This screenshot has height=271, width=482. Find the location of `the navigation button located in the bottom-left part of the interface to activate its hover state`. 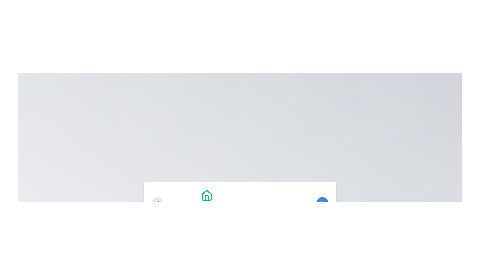

the navigation button located in the bottom-left part of the interface to activate its hover state is located at coordinates (157, 203).